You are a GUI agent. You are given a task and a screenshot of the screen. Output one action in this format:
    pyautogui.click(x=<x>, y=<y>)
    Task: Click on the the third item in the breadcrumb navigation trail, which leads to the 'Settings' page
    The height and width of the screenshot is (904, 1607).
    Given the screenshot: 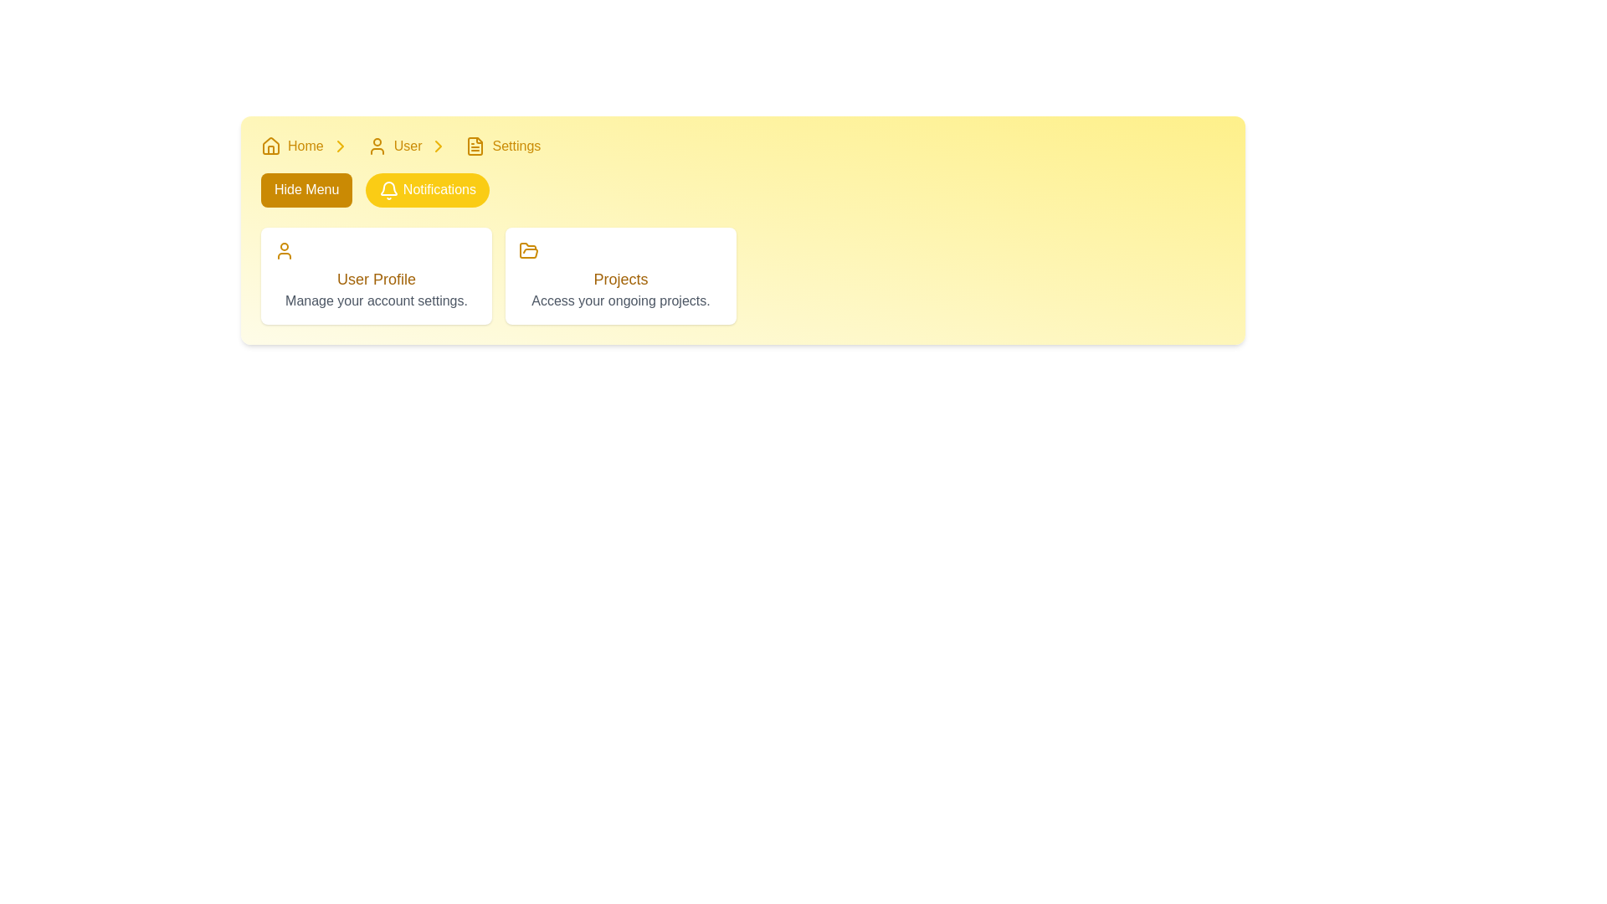 What is the action you would take?
    pyautogui.click(x=502, y=145)
    